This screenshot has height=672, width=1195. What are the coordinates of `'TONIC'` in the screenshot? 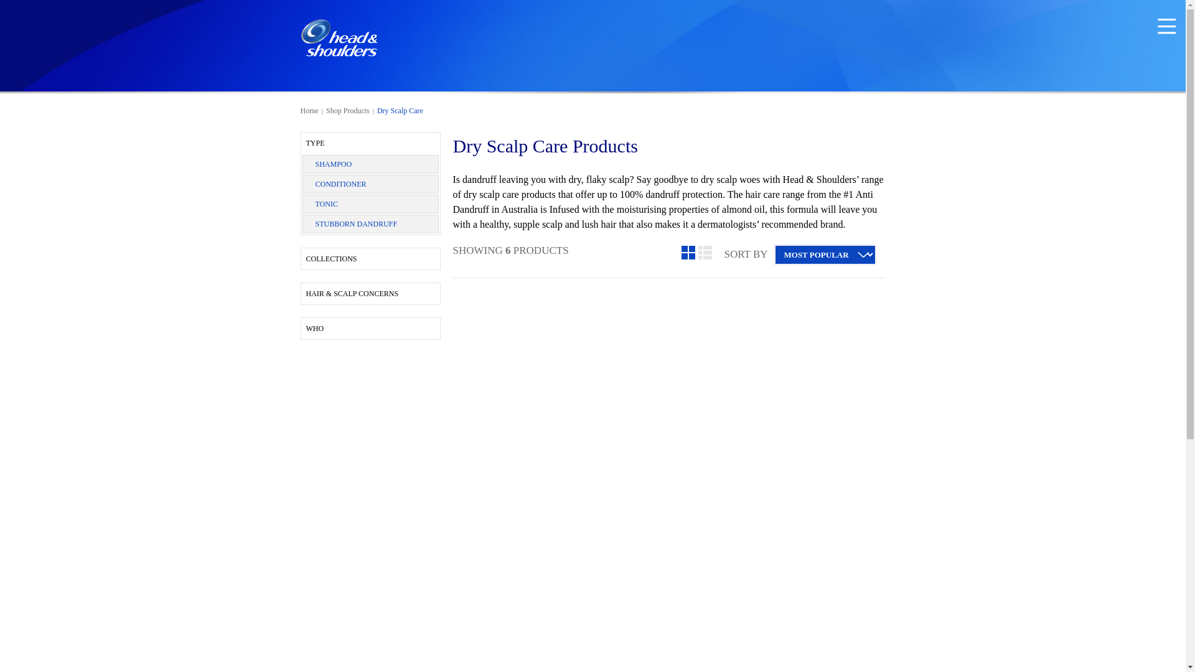 It's located at (314, 203).